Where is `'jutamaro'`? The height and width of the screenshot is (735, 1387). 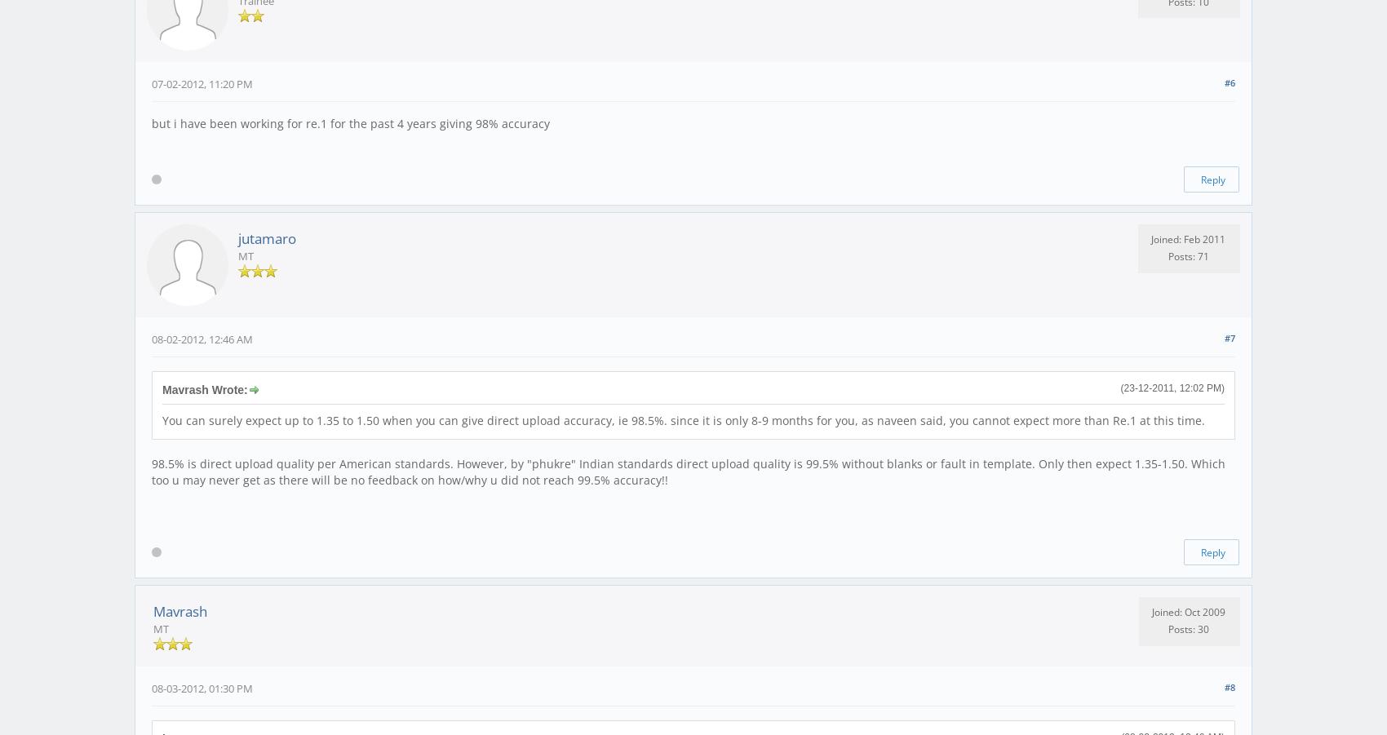 'jutamaro' is located at coordinates (266, 237).